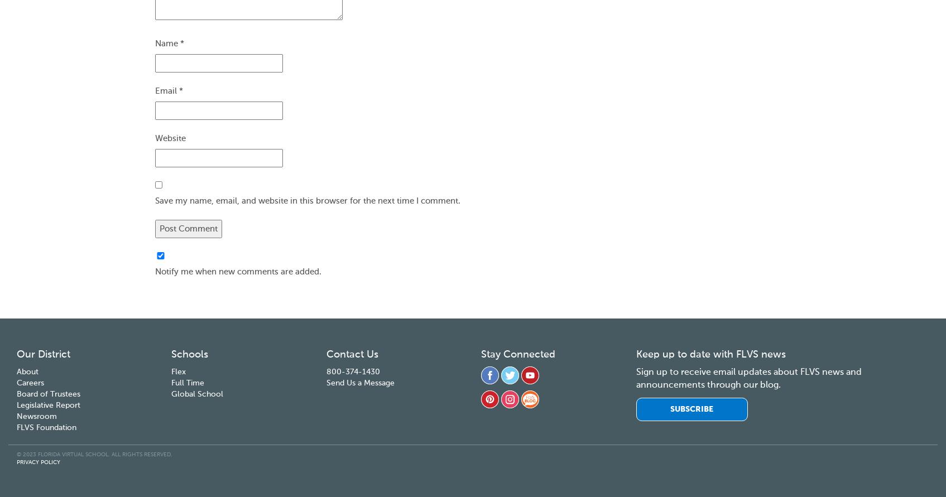 Image resolution: width=946 pixels, height=497 pixels. Describe the element at coordinates (692, 409) in the screenshot. I see `'Subscribe'` at that location.